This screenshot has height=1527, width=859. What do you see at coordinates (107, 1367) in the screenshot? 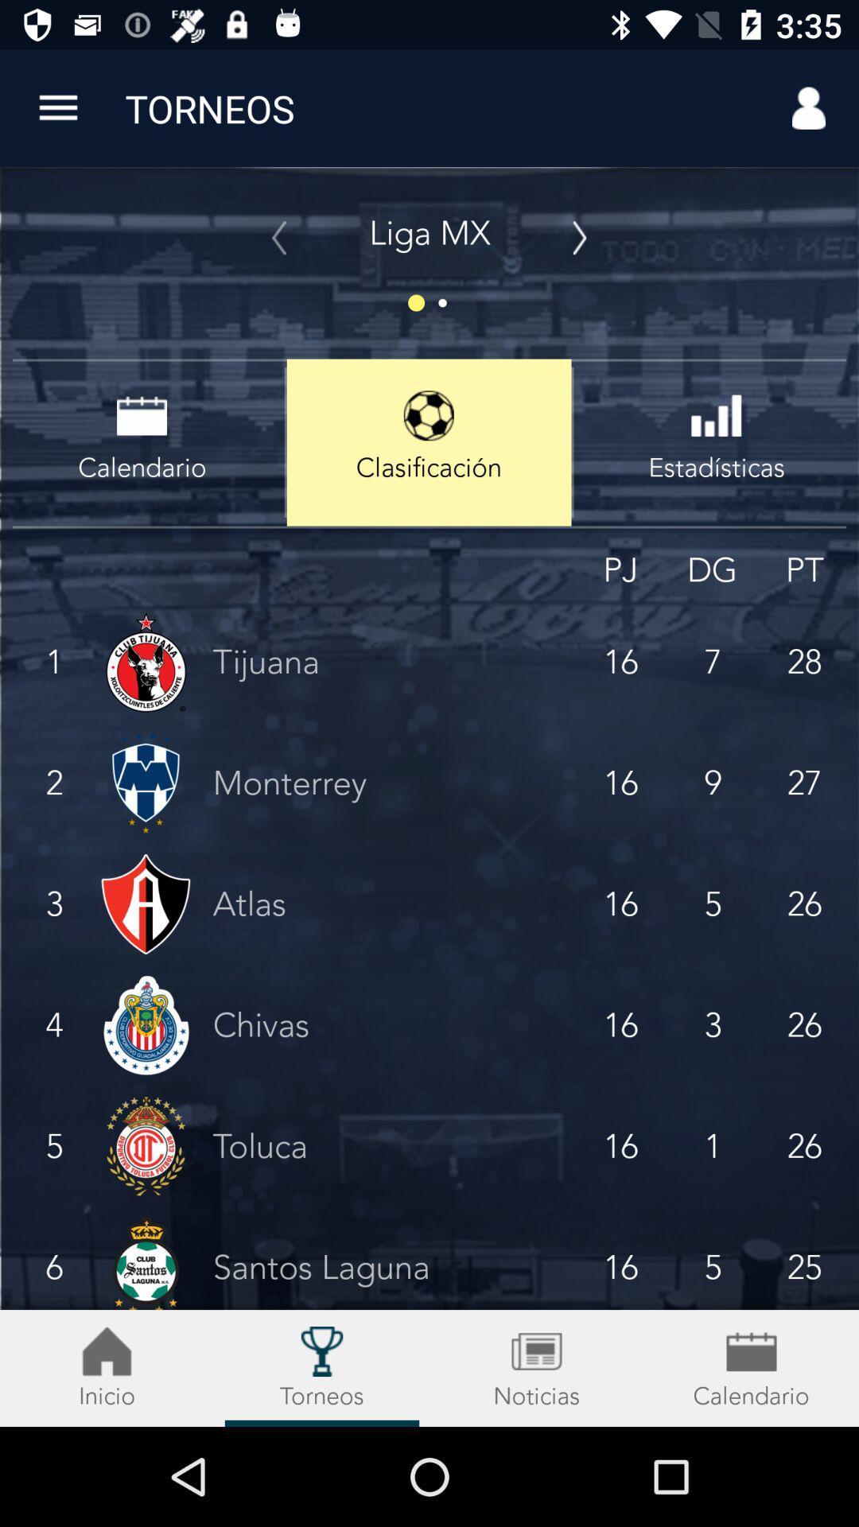
I see `the notifications icon` at bounding box center [107, 1367].